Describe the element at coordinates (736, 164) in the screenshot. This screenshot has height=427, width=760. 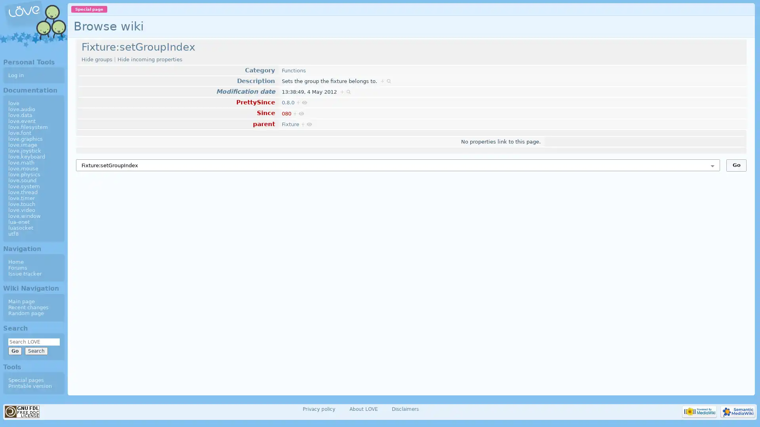
I see `Go` at that location.